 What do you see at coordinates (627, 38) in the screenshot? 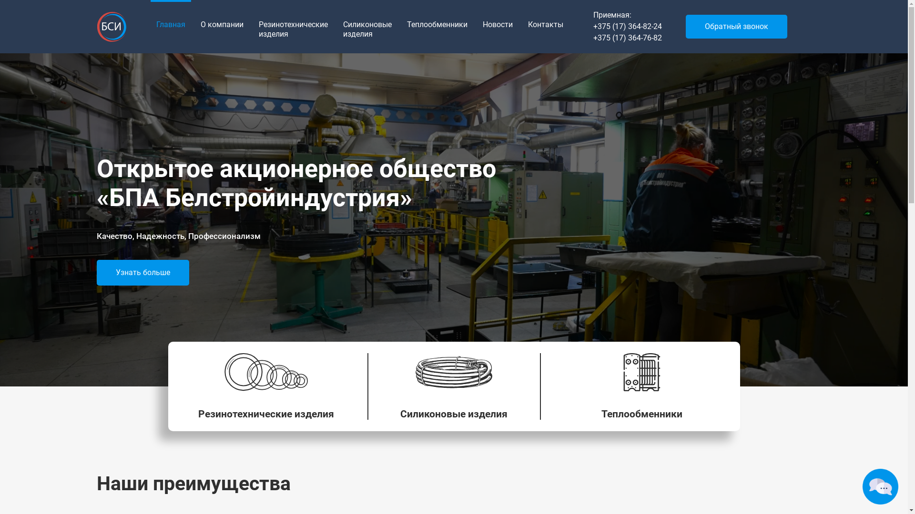
I see `'+375 (17) 364-76-82'` at bounding box center [627, 38].